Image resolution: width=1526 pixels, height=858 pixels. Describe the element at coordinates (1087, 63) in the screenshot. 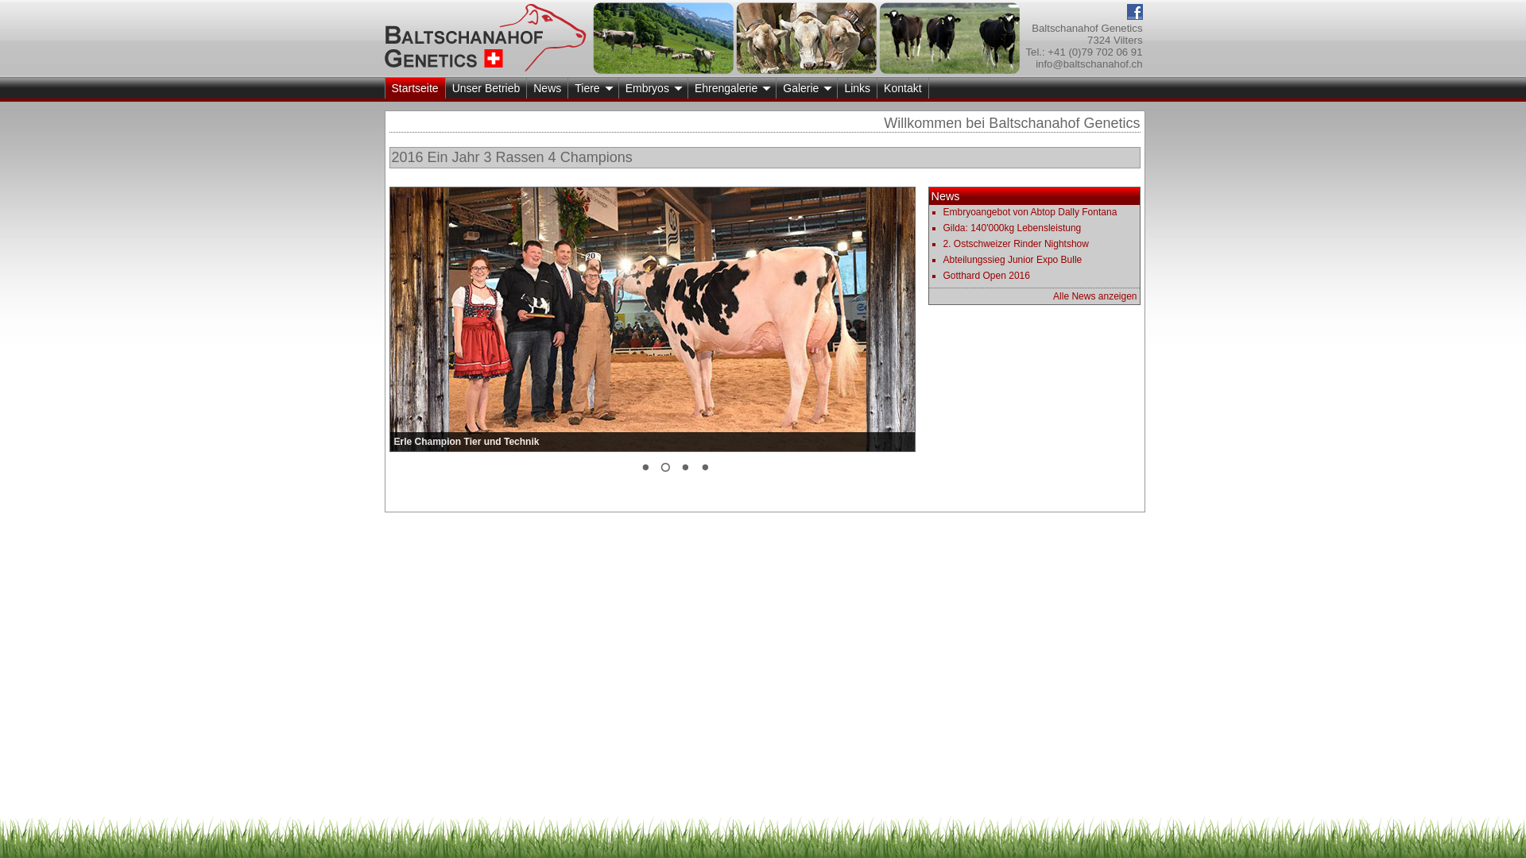

I see `'info@baltschanahof.ch'` at that location.